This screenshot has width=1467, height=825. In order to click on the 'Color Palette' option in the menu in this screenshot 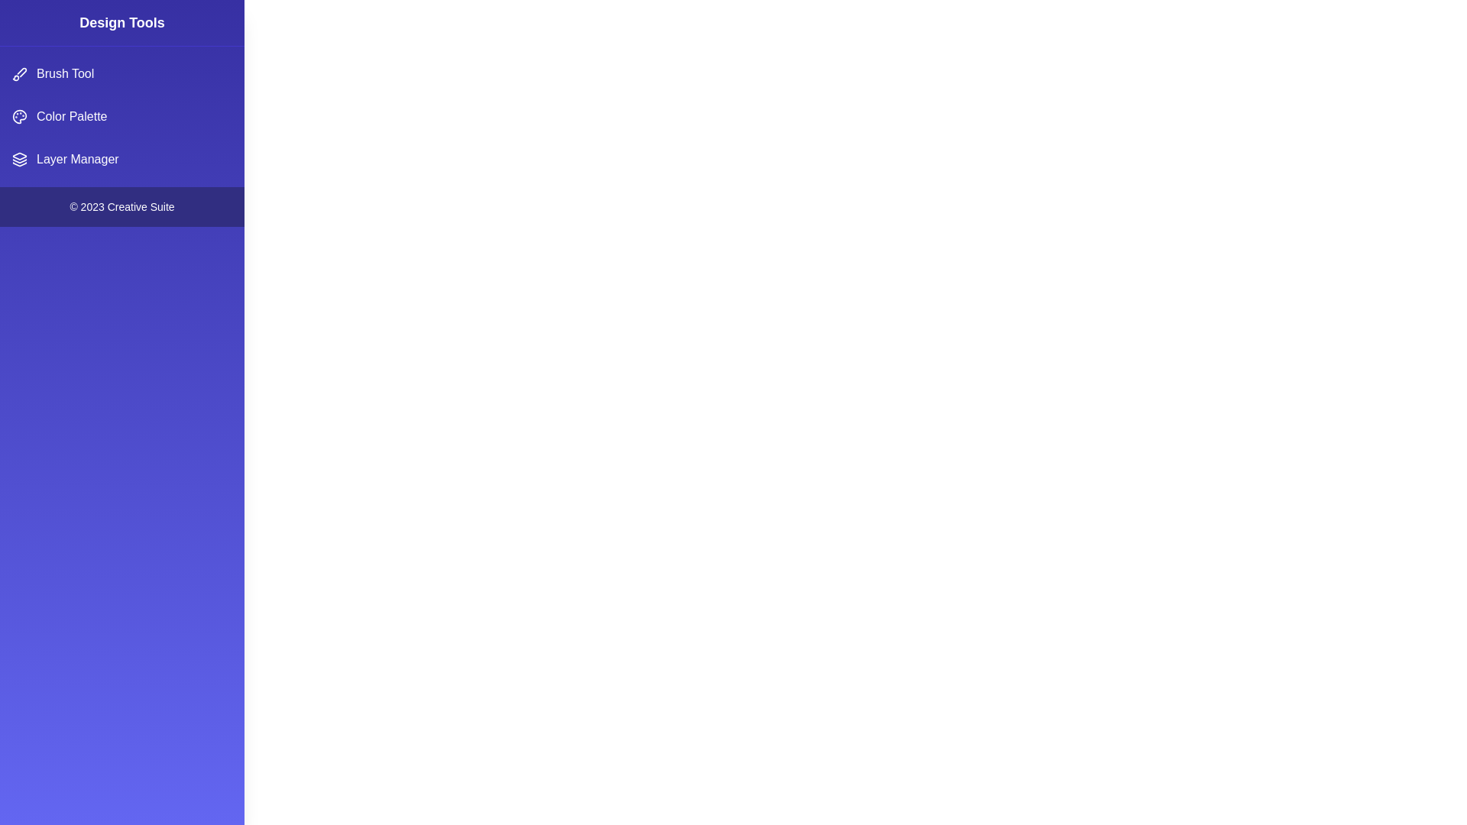, I will do `click(121, 116)`.